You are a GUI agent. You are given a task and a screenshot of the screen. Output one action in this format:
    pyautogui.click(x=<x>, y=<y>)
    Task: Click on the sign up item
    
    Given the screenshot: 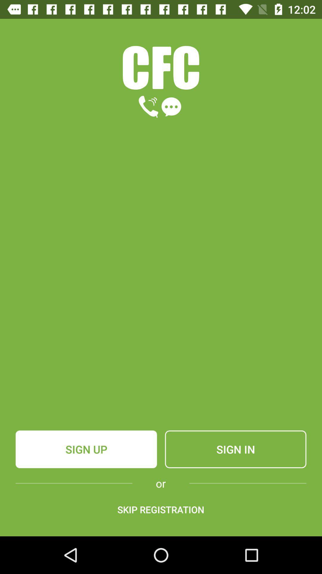 What is the action you would take?
    pyautogui.click(x=86, y=449)
    